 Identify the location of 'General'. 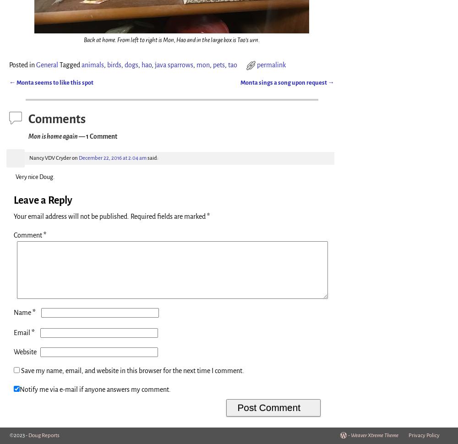
(47, 65).